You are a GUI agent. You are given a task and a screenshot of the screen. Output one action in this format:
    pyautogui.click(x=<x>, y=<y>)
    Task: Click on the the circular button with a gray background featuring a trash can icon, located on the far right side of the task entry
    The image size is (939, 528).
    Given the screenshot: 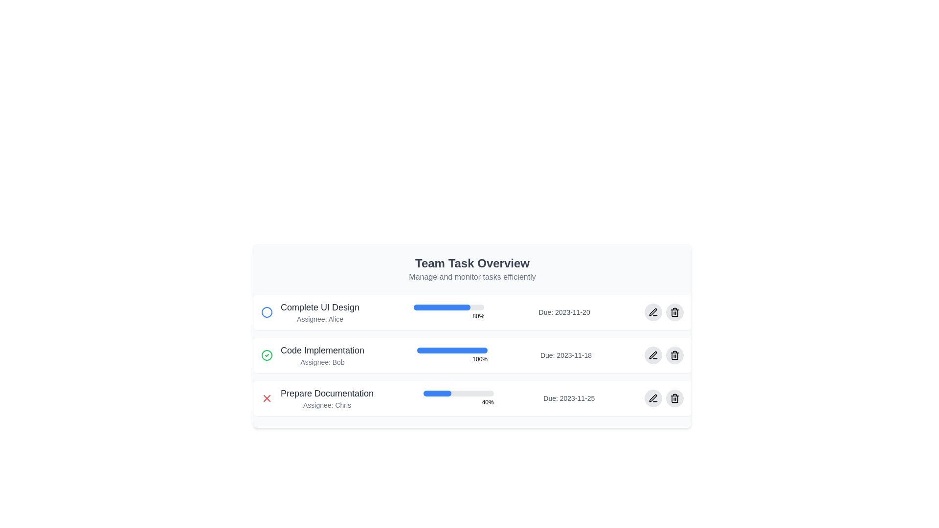 What is the action you would take?
    pyautogui.click(x=674, y=398)
    